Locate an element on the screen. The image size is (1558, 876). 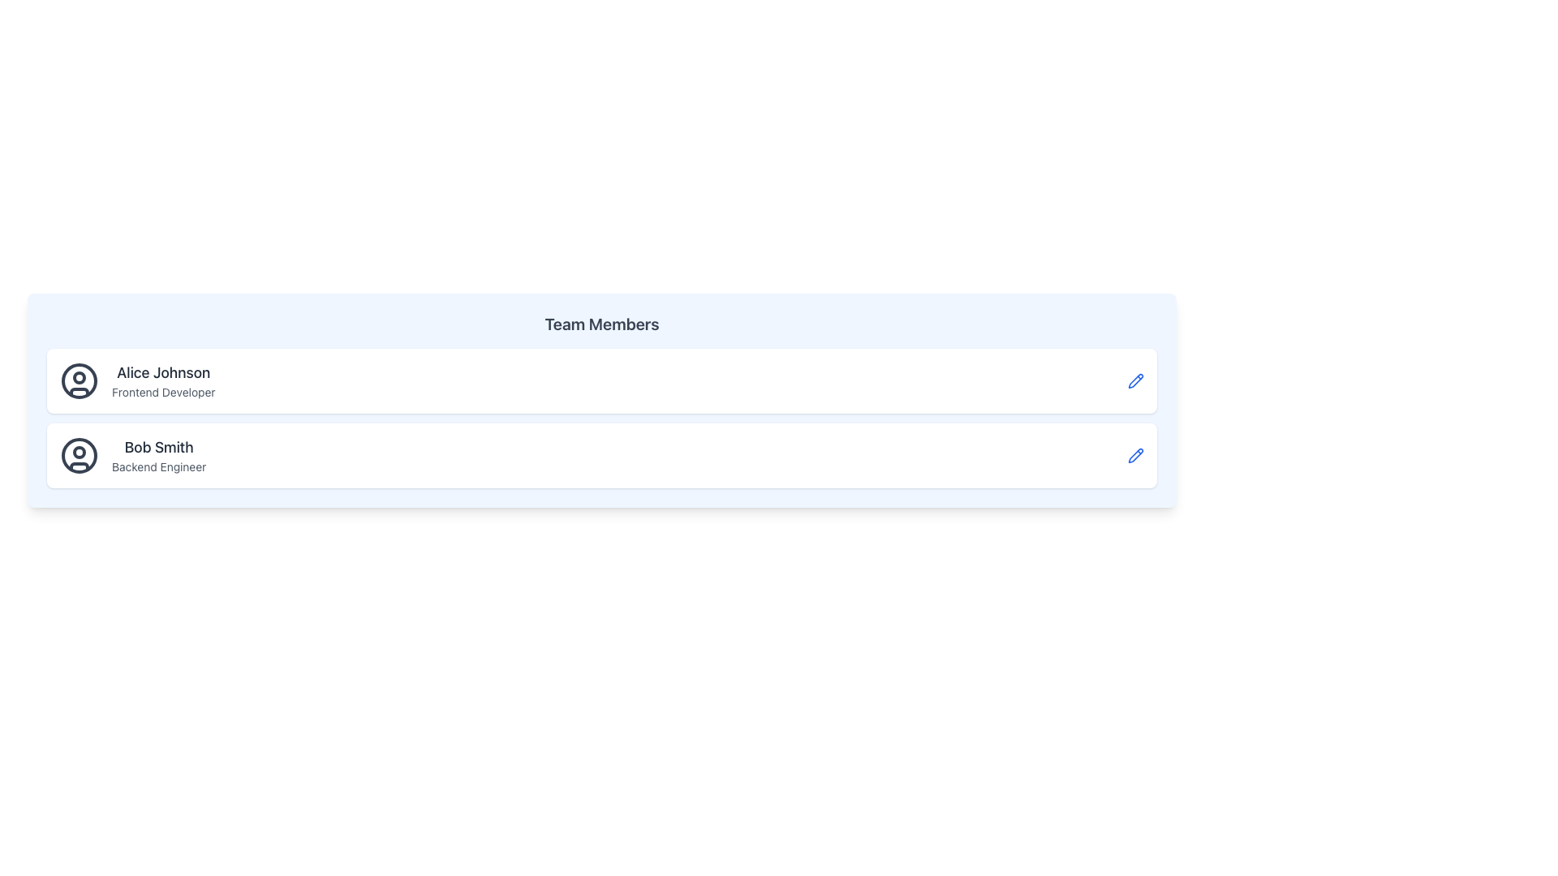
the 'Team Members' text label, which is a large, bold, muted gray header located at the top of a content card above a list of team members is located at coordinates (601, 324).